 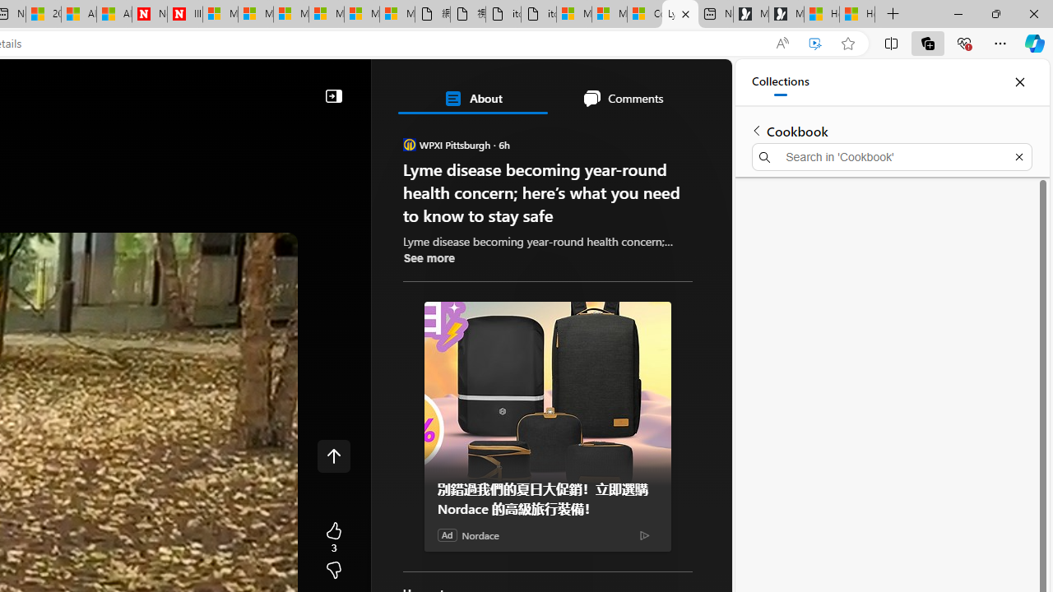 I want to click on 'Class: control icon-only', so click(x=333, y=456).